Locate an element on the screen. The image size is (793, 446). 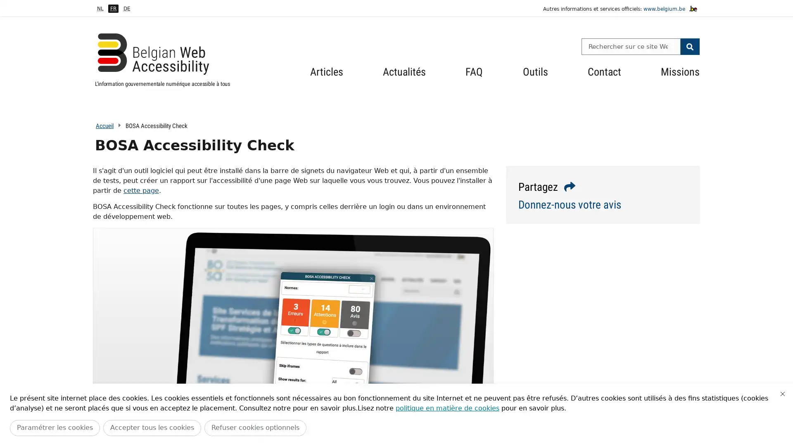
Refuser cookies optionnels is located at coordinates (255, 427).